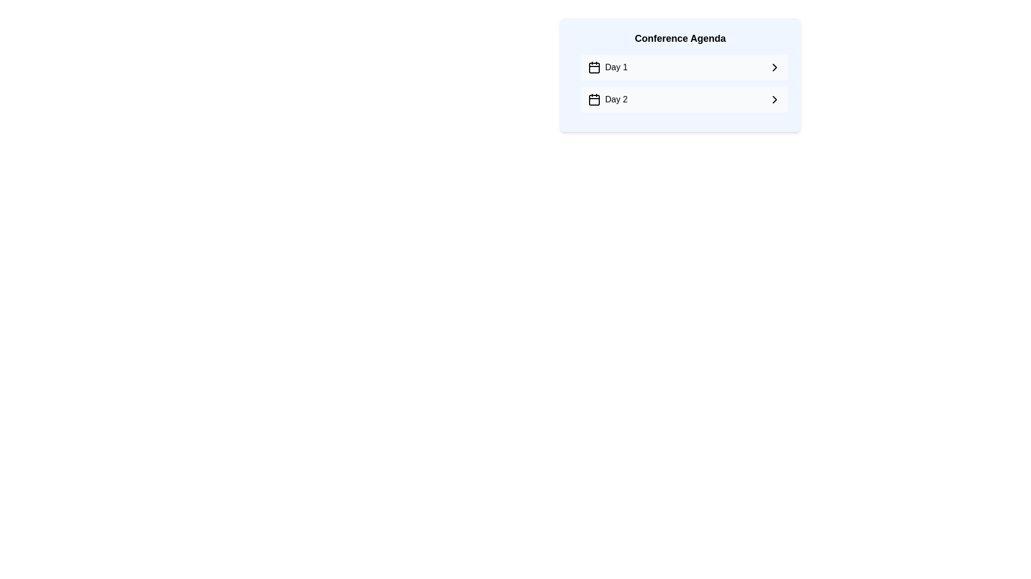  Describe the element at coordinates (616, 99) in the screenshot. I see `the label indicating the second day's agenda item in the conference schedule, which is located in the second row and aligned with a calendar icon` at that location.